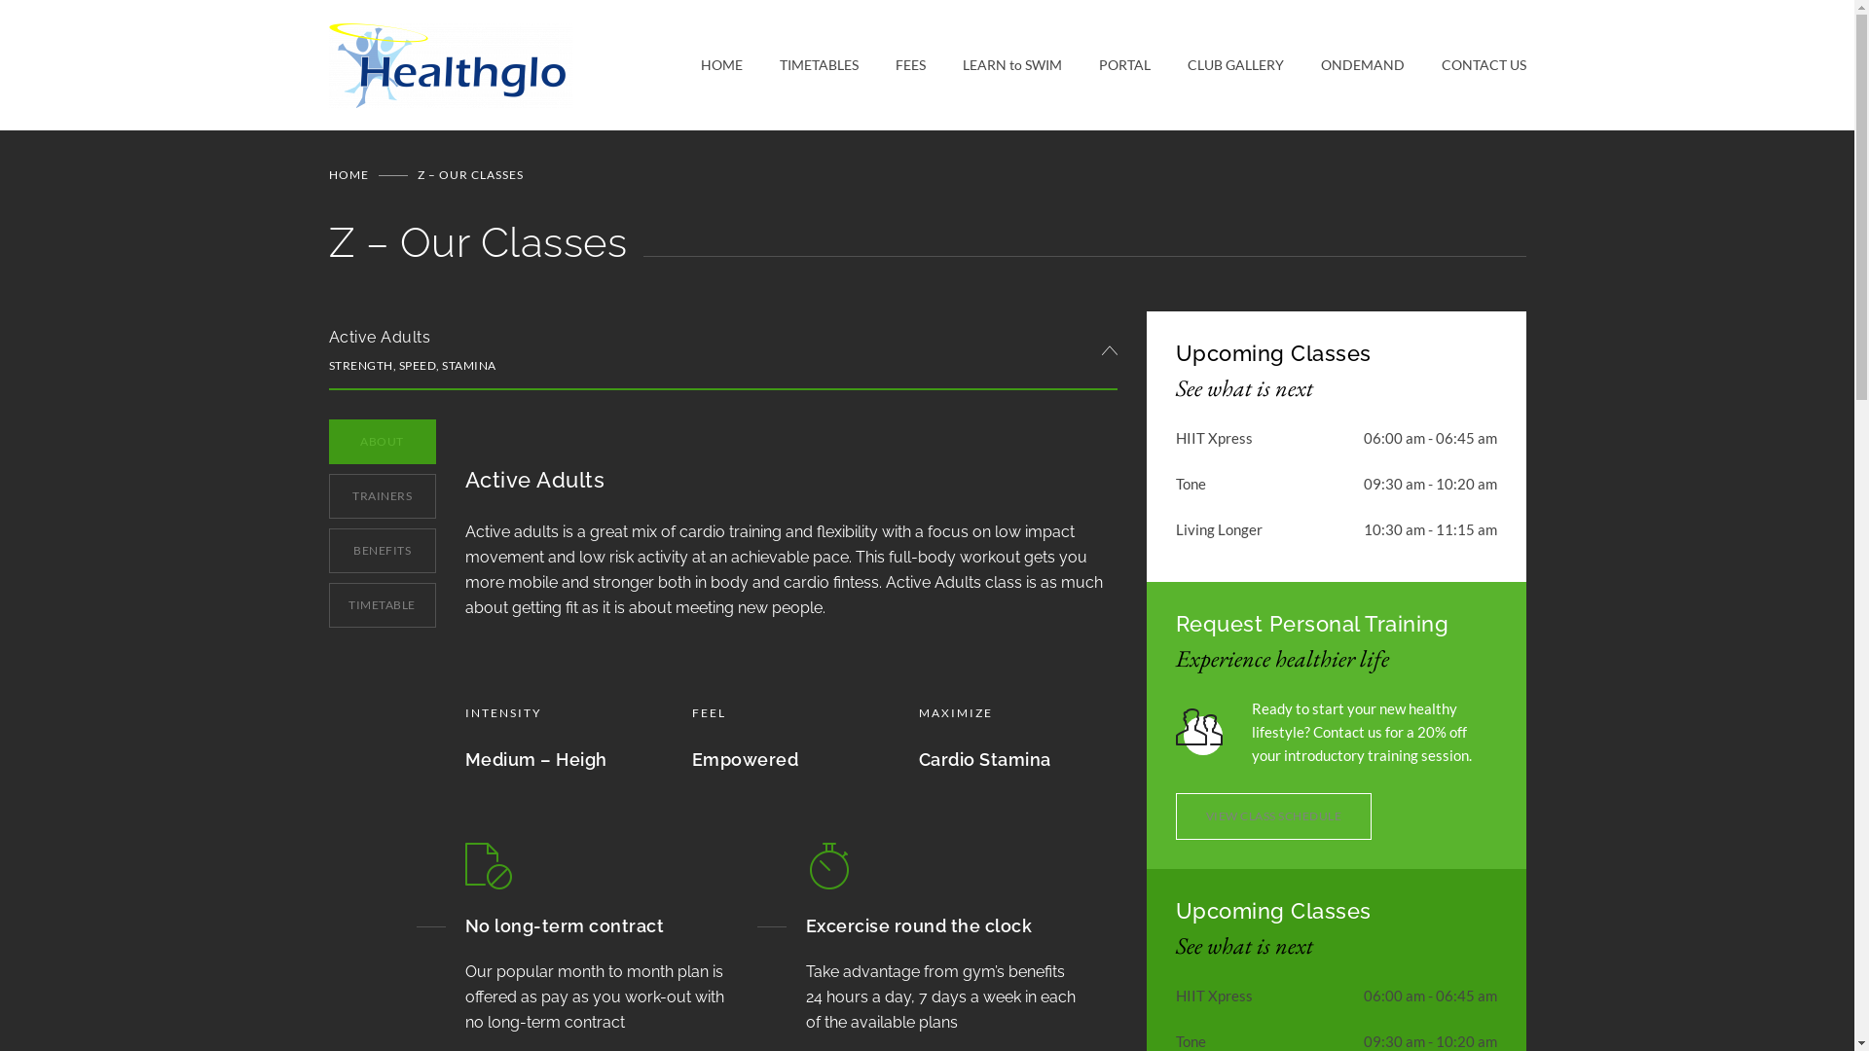 The height and width of the screenshot is (1051, 1869). I want to click on 'Tone', so click(1190, 1039).